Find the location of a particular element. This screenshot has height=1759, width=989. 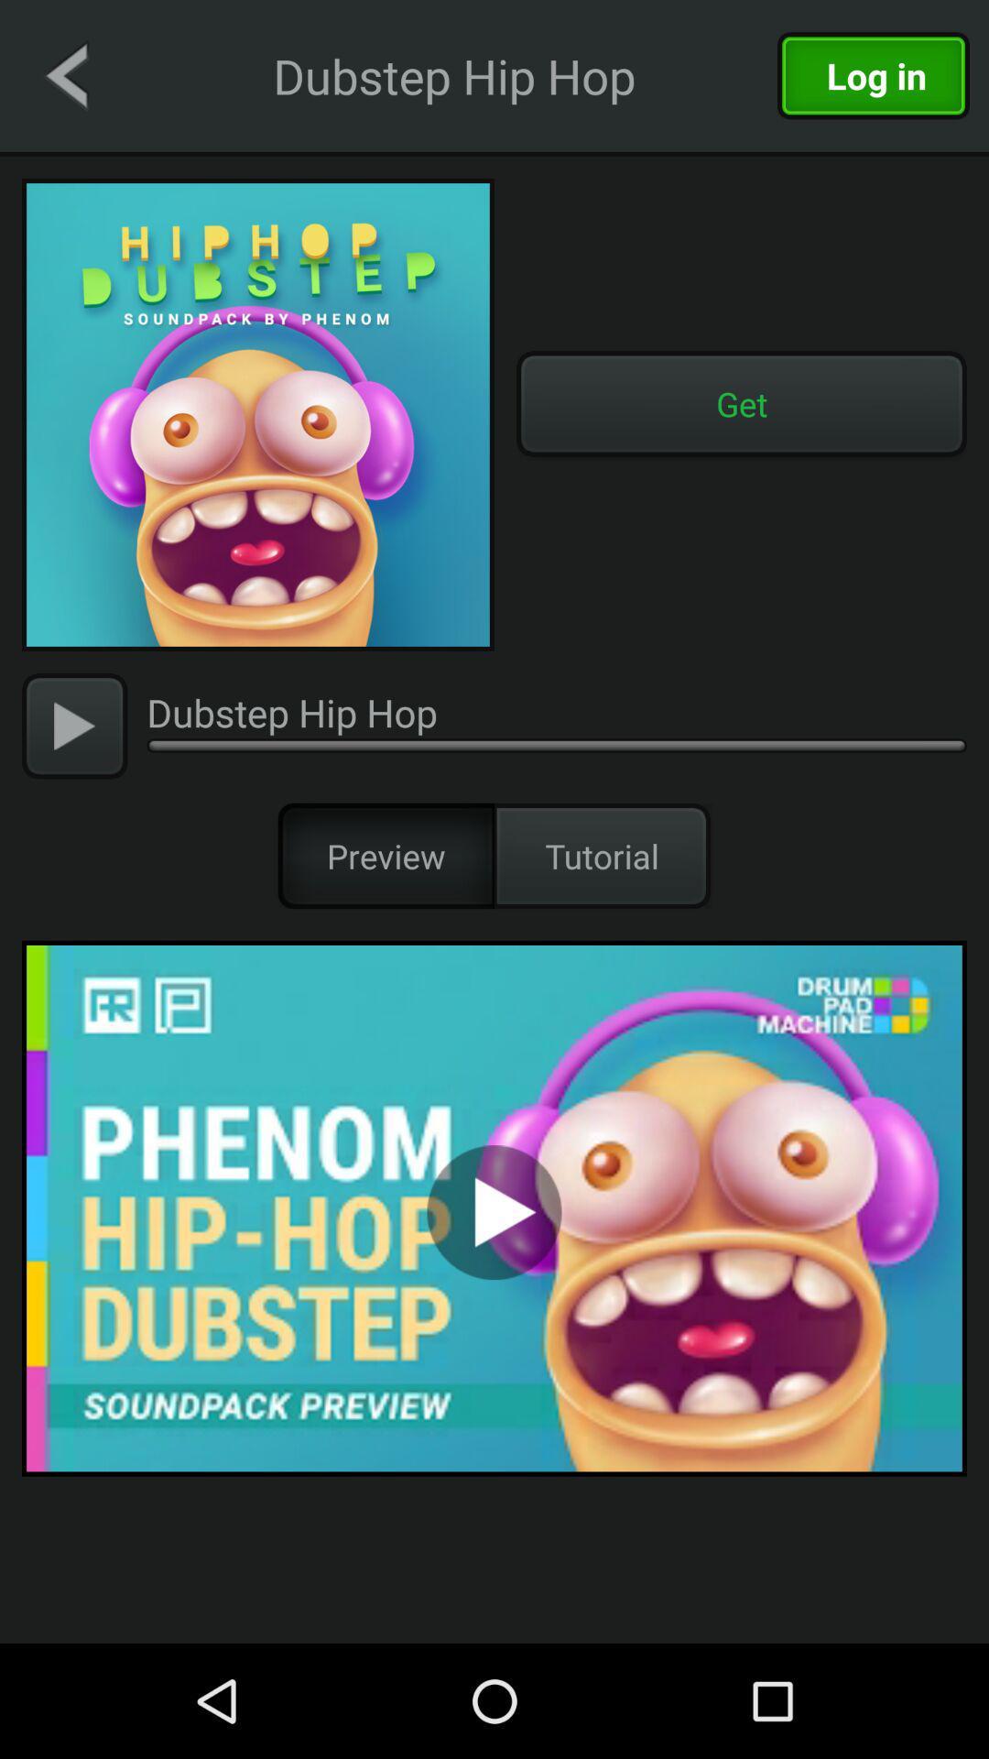

the hip hop dubstep picture is located at coordinates (257, 413).